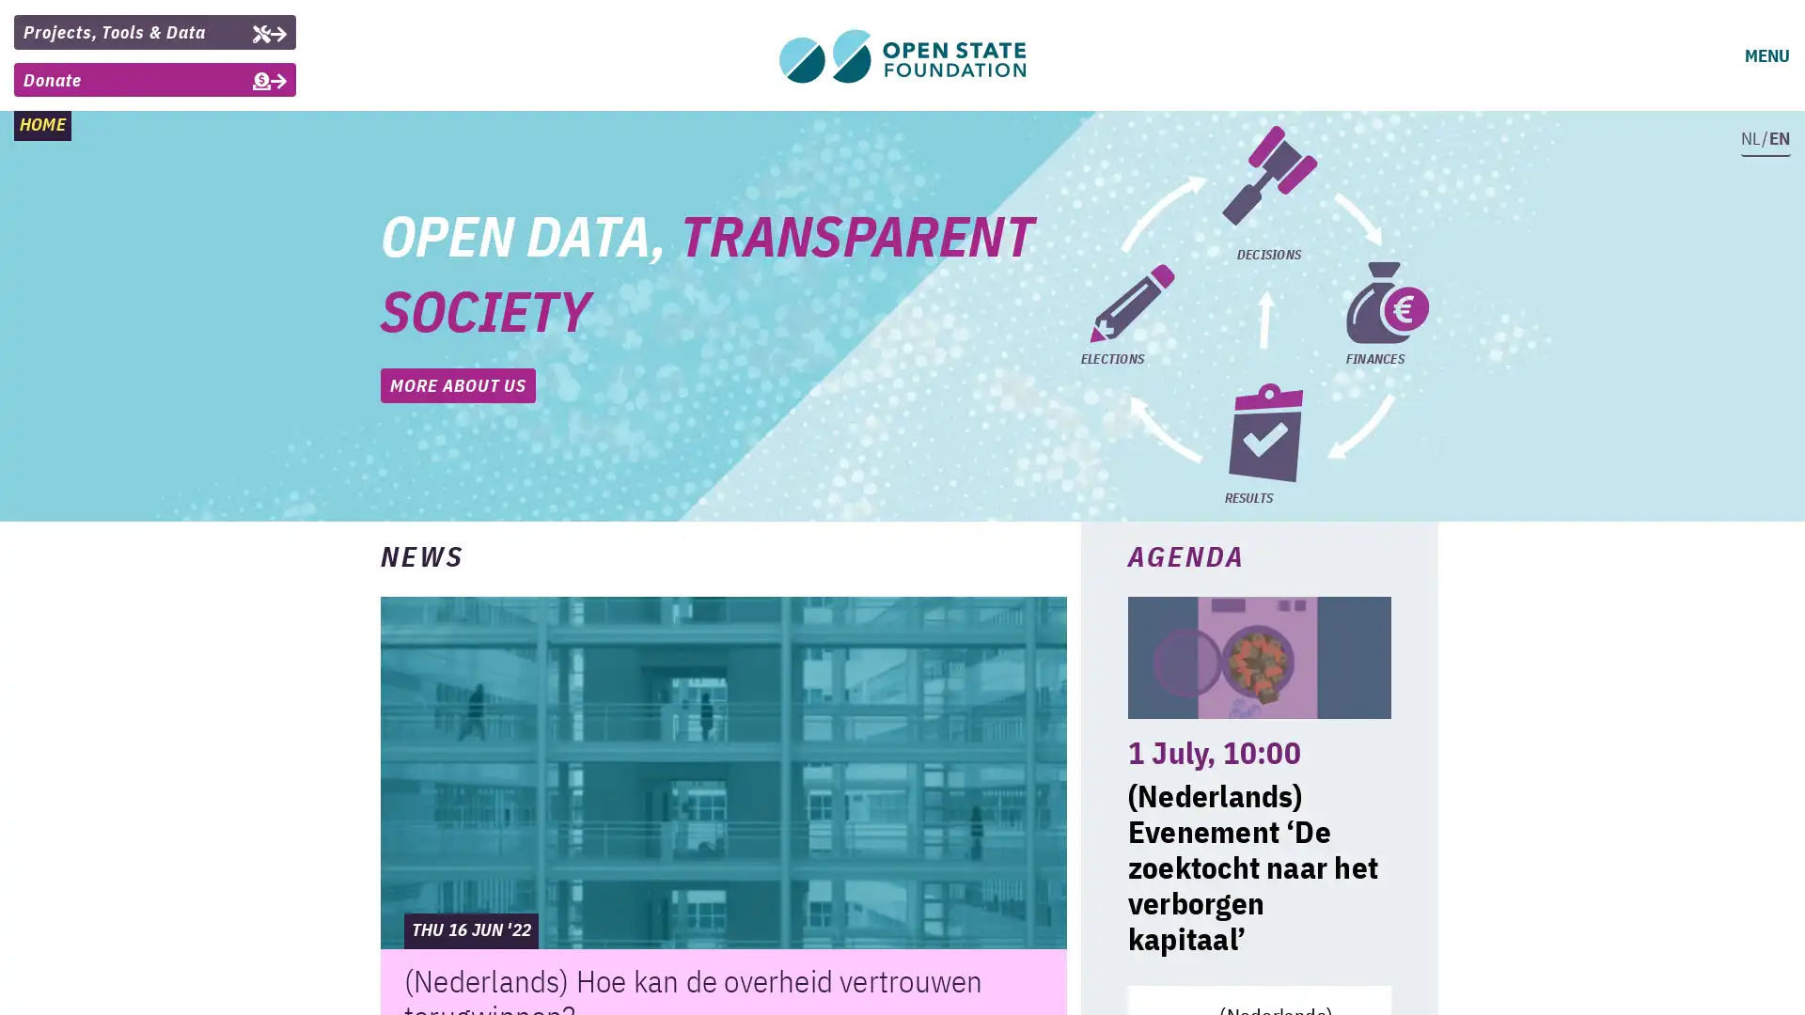 This screenshot has height=1015, width=1805. I want to click on Toggle navigation, so click(1765, 55).